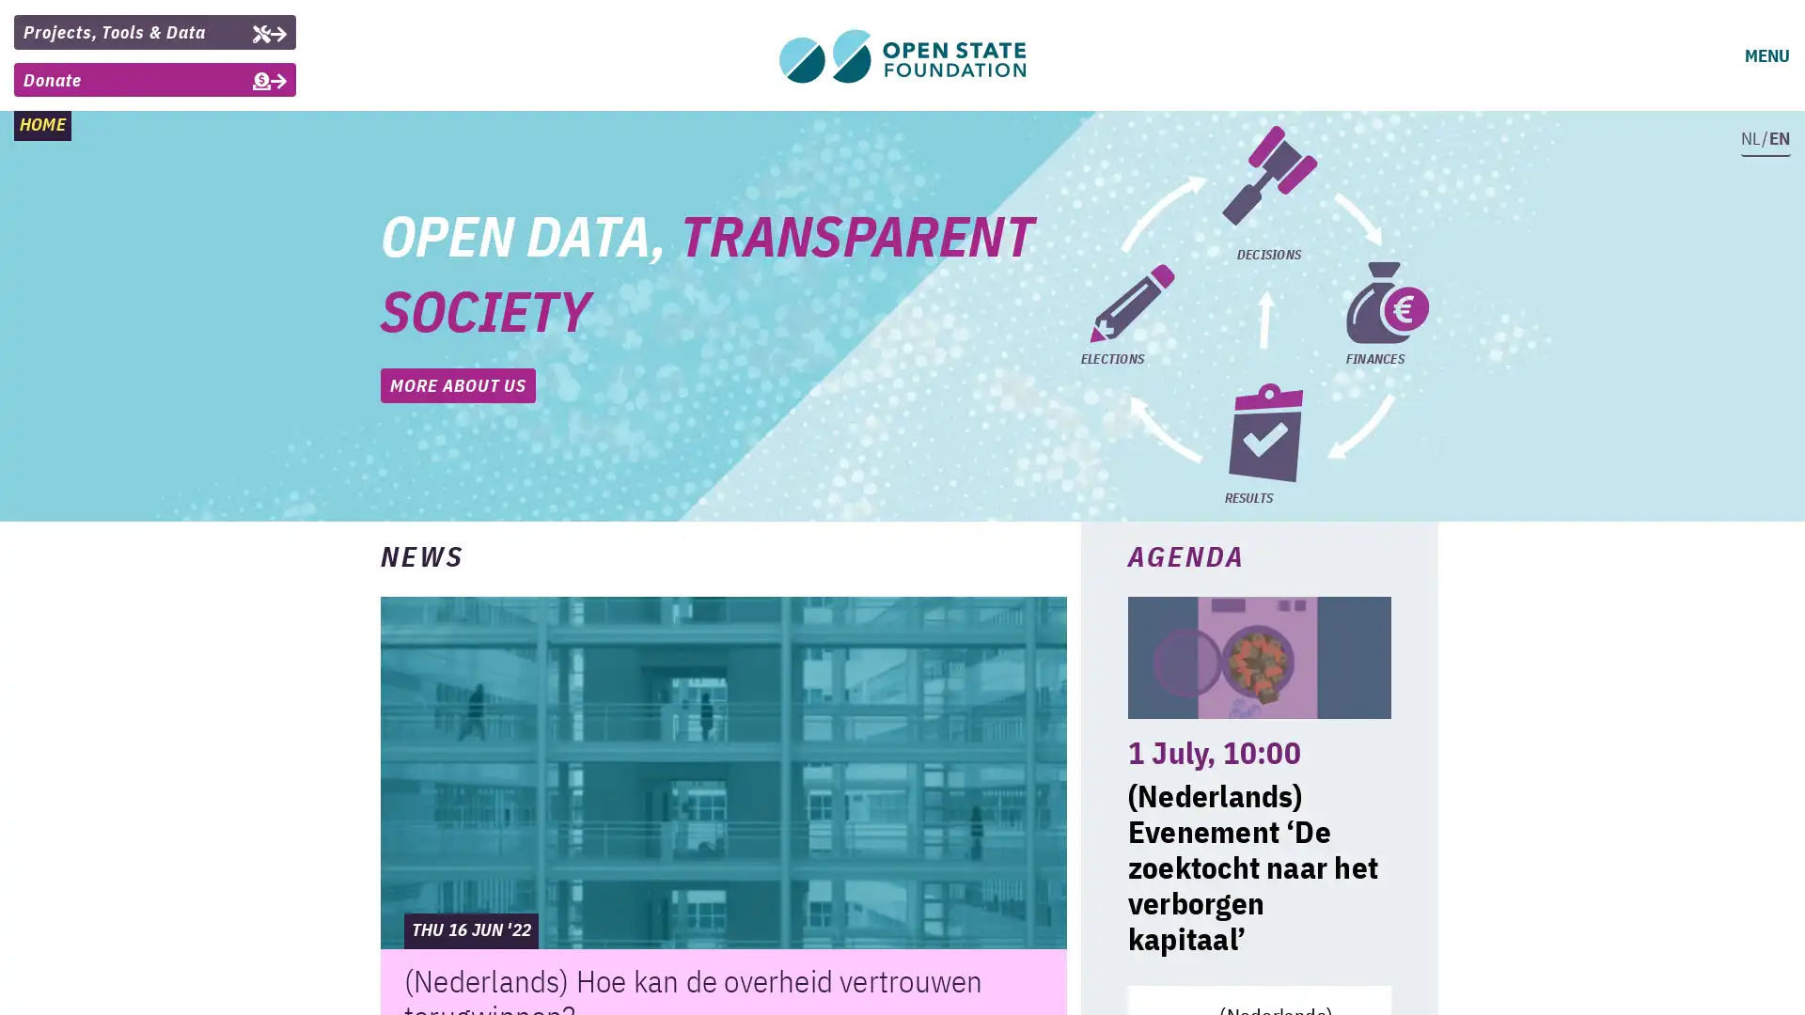 This screenshot has height=1015, width=1805. I want to click on Toggle navigation, so click(1765, 55).